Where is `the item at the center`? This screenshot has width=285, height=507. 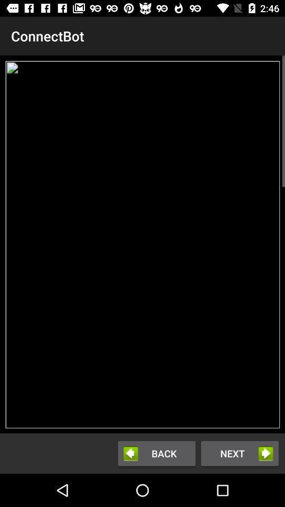 the item at the center is located at coordinates (142, 244).